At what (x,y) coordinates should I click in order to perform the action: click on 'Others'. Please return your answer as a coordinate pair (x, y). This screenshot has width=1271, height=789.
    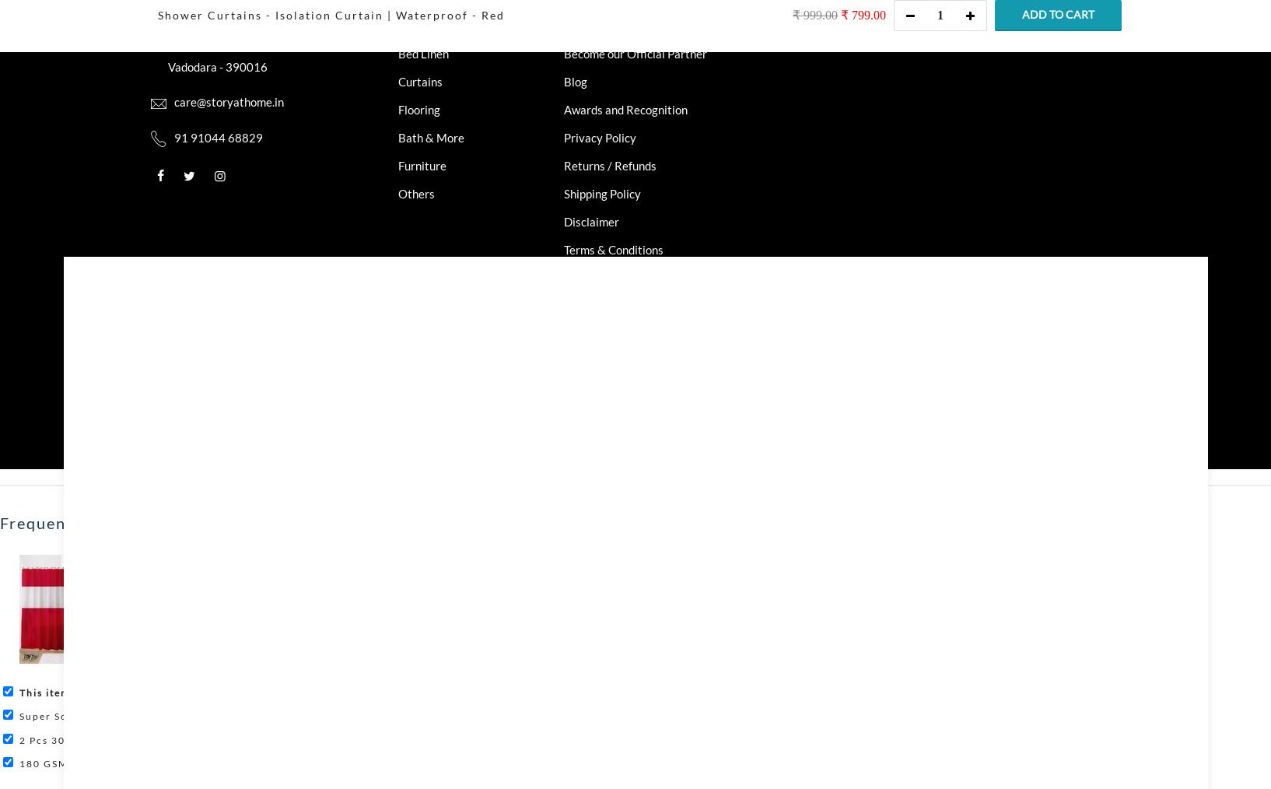
    Looking at the image, I should click on (415, 192).